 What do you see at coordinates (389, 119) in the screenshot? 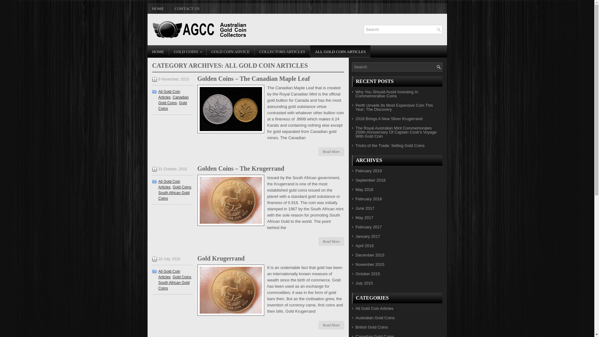
I see `'2018 Brings A New Silver Krugerrand'` at bounding box center [389, 119].